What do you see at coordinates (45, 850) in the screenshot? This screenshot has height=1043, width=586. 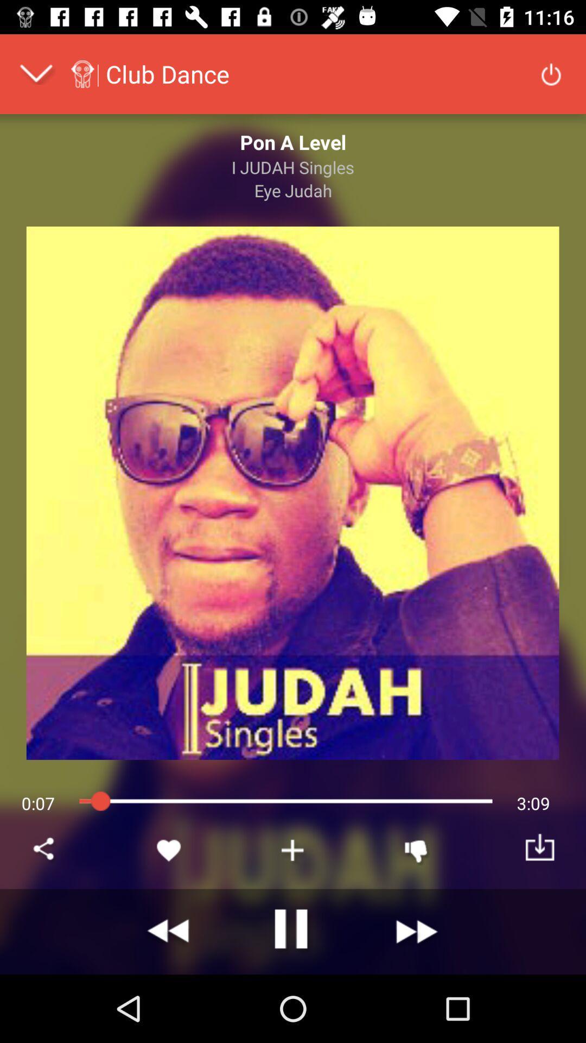 I see `share the song` at bounding box center [45, 850].